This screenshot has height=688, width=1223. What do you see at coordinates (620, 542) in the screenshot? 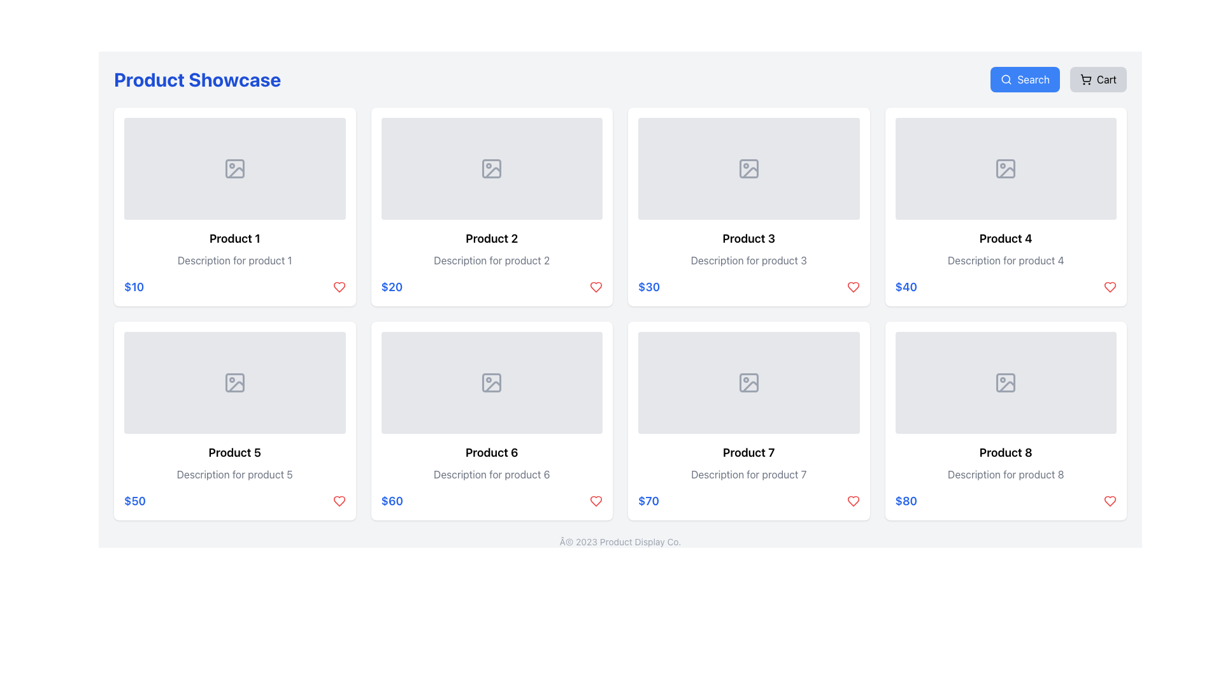
I see `text displayed in the small, gray-colored font that says 'Â© 2023 Product Display Co.' located at the bottom center of the page` at bounding box center [620, 542].